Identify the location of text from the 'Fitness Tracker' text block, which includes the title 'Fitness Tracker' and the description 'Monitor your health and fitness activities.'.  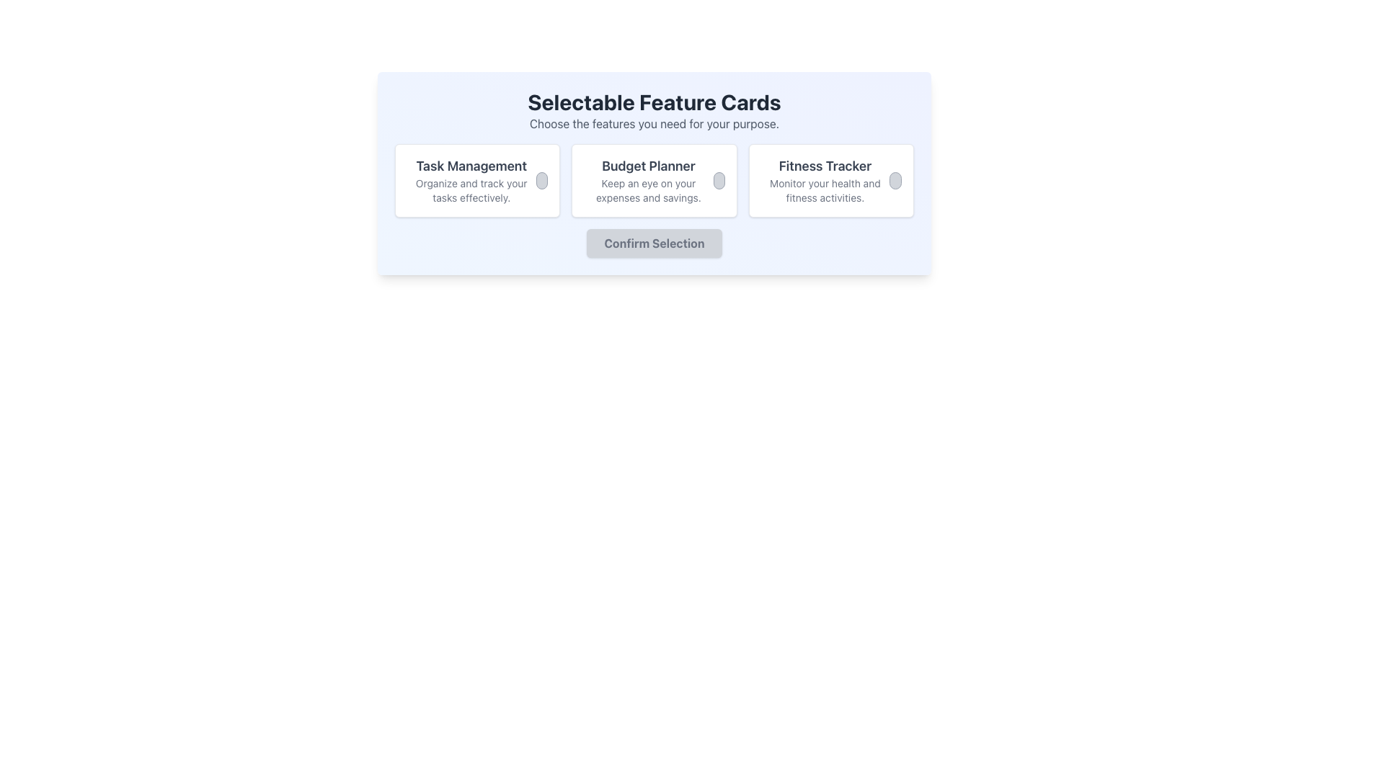
(825, 179).